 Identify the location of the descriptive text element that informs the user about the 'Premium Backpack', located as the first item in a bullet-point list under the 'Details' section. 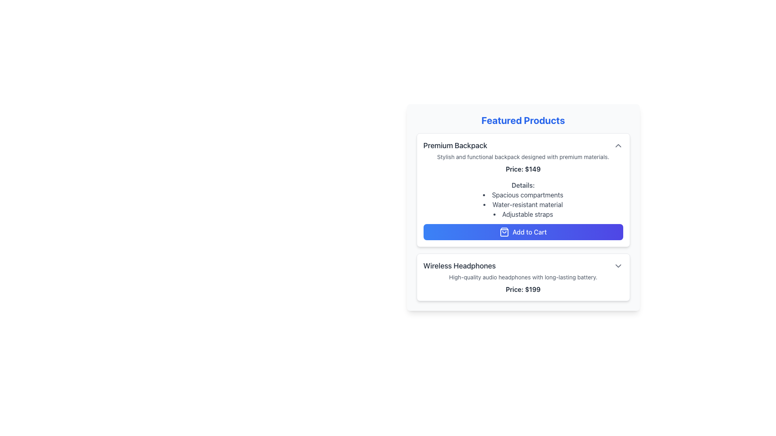
(523, 195).